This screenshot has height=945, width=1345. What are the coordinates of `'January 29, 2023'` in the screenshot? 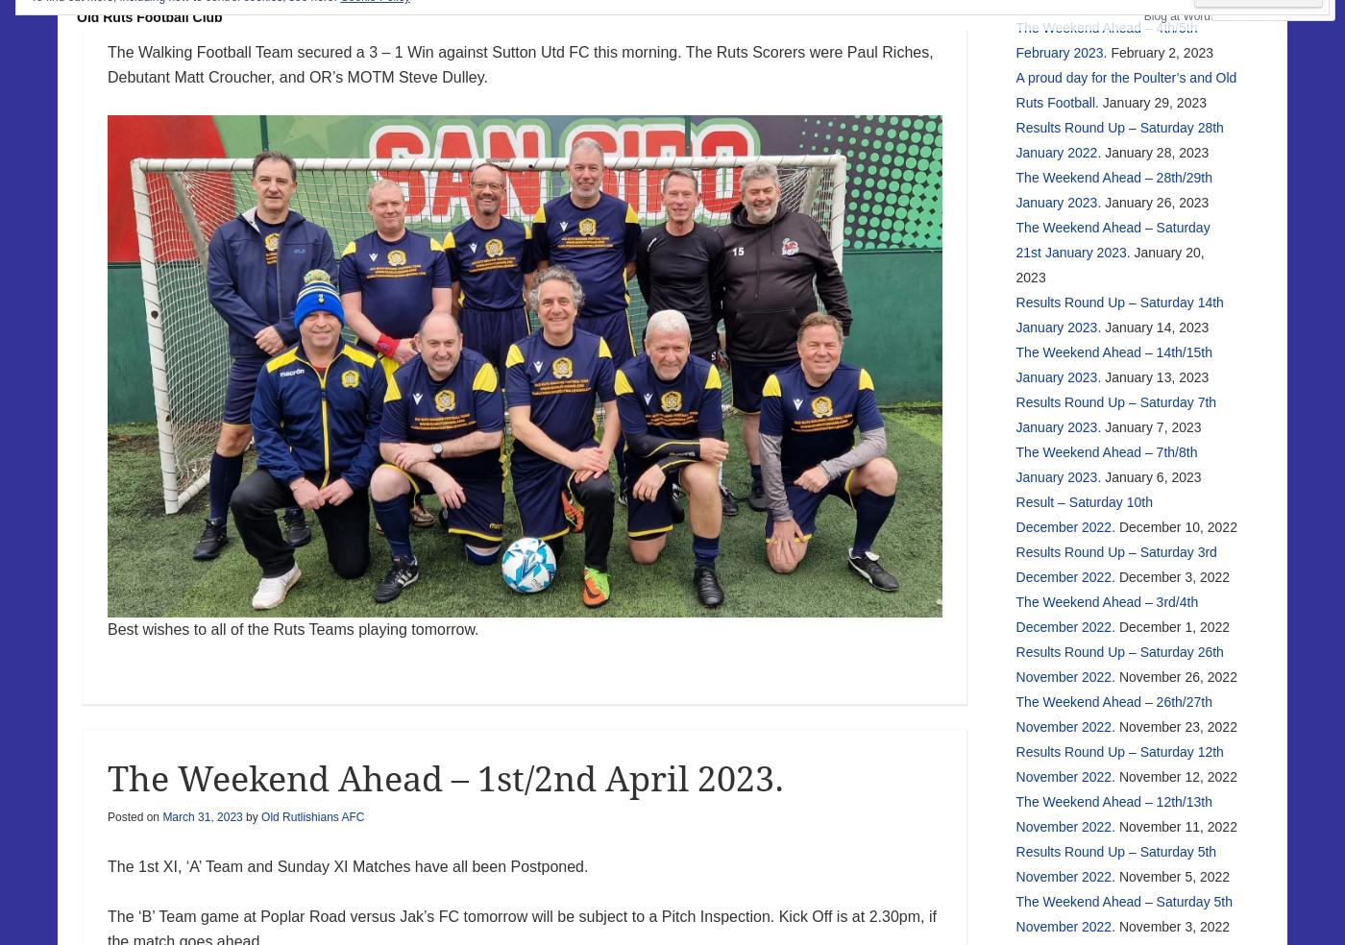 It's located at (1154, 100).